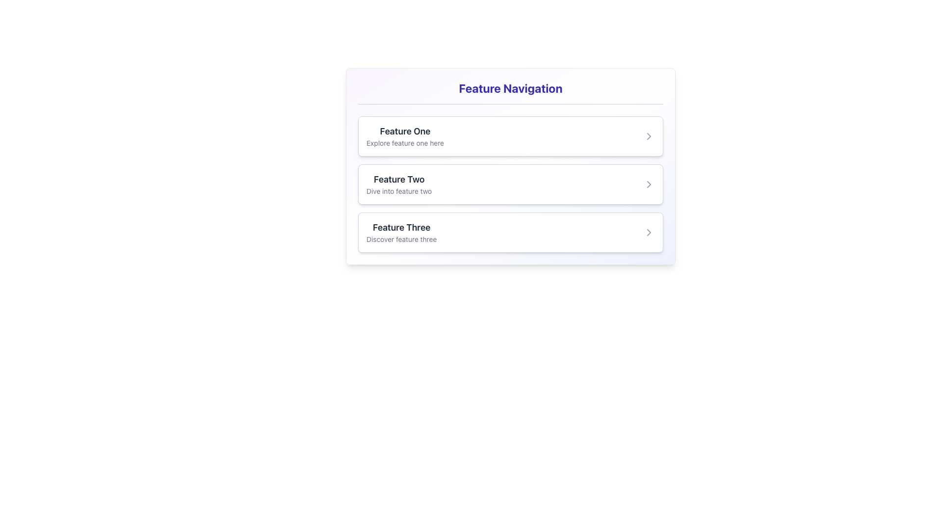 The height and width of the screenshot is (530, 942). What do you see at coordinates (510, 92) in the screenshot?
I see `the non-interactive Text label that serves as a section title for the content below it` at bounding box center [510, 92].